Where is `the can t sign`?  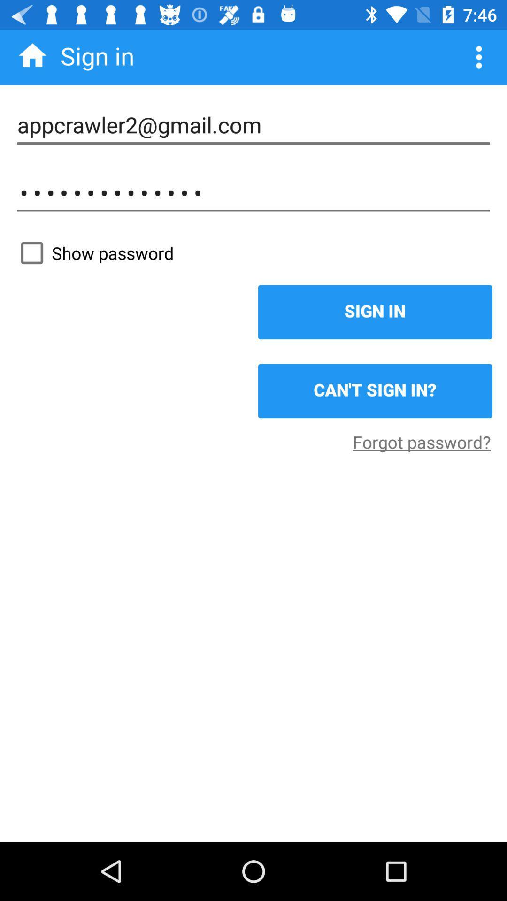 the can t sign is located at coordinates (375, 391).